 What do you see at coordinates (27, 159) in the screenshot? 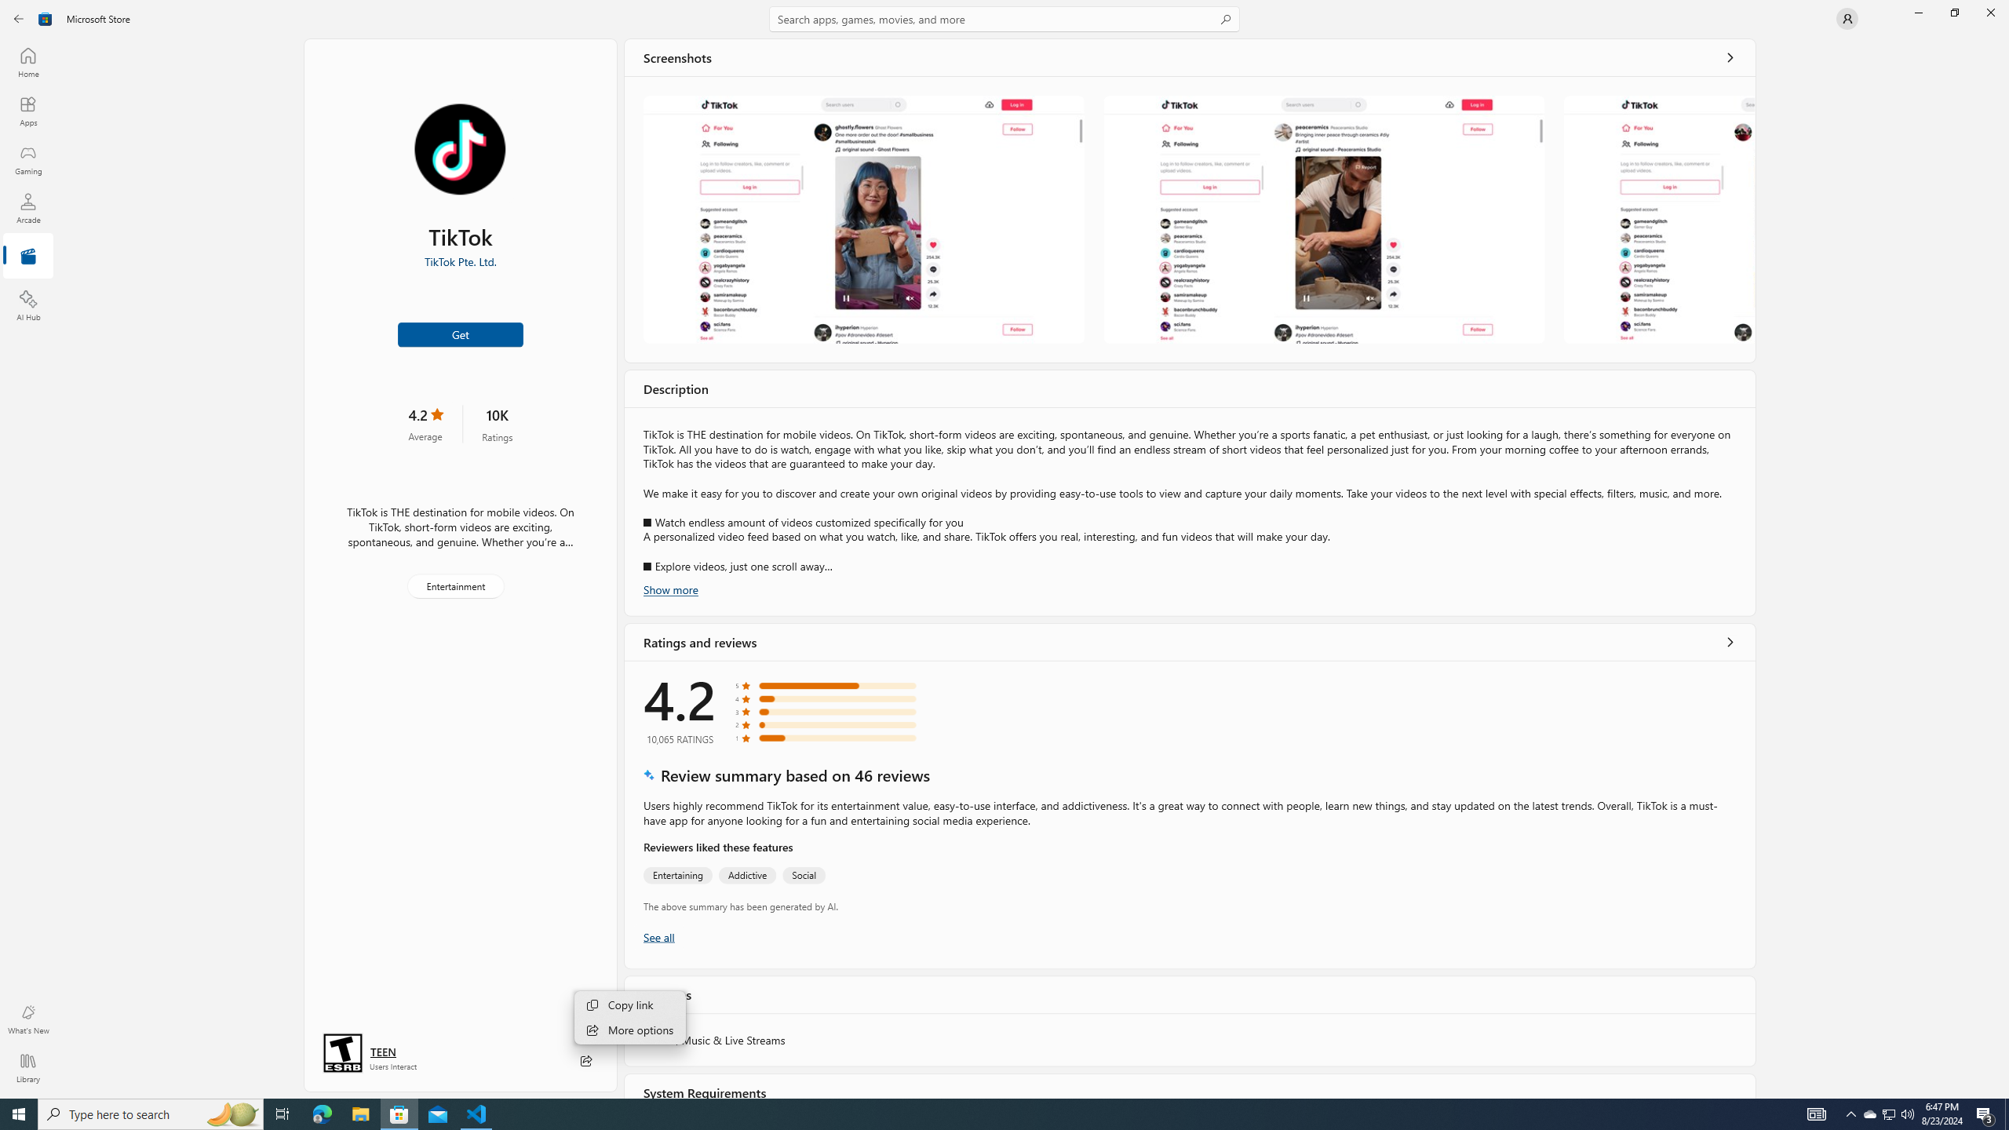
I see `'Gaming'` at bounding box center [27, 159].